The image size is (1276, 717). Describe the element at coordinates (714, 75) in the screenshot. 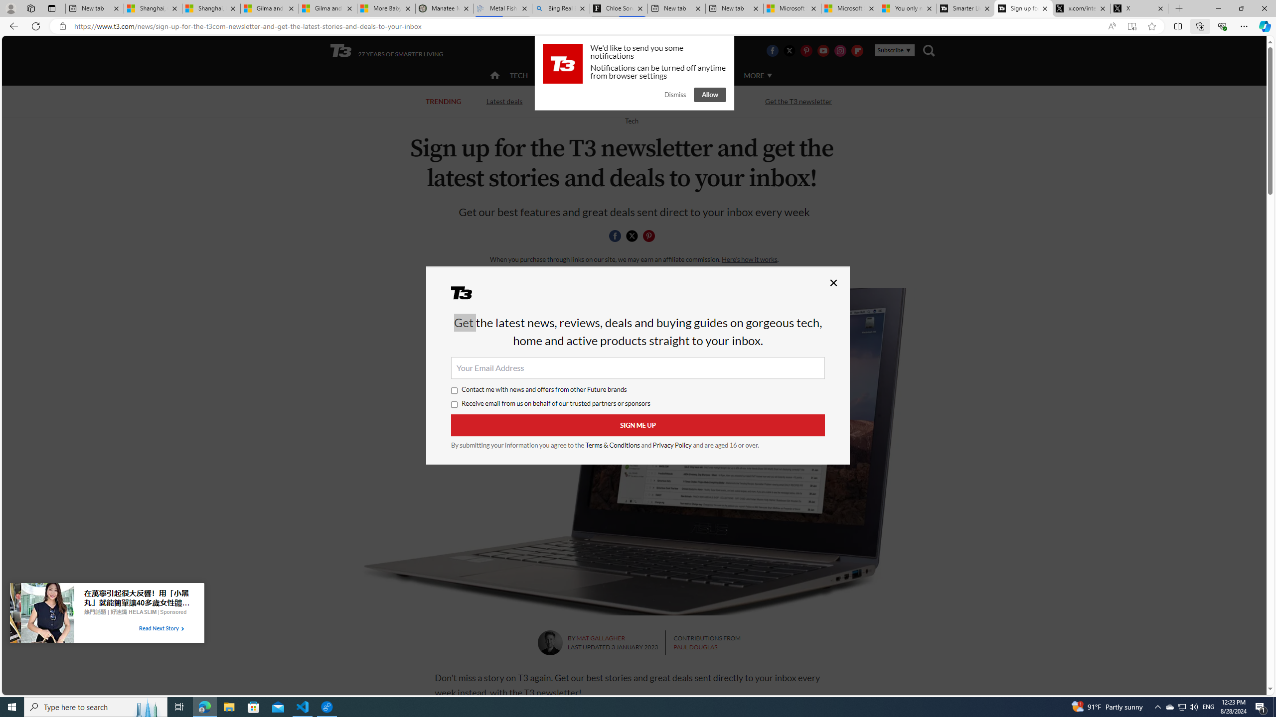

I see `'AUTO'` at that location.